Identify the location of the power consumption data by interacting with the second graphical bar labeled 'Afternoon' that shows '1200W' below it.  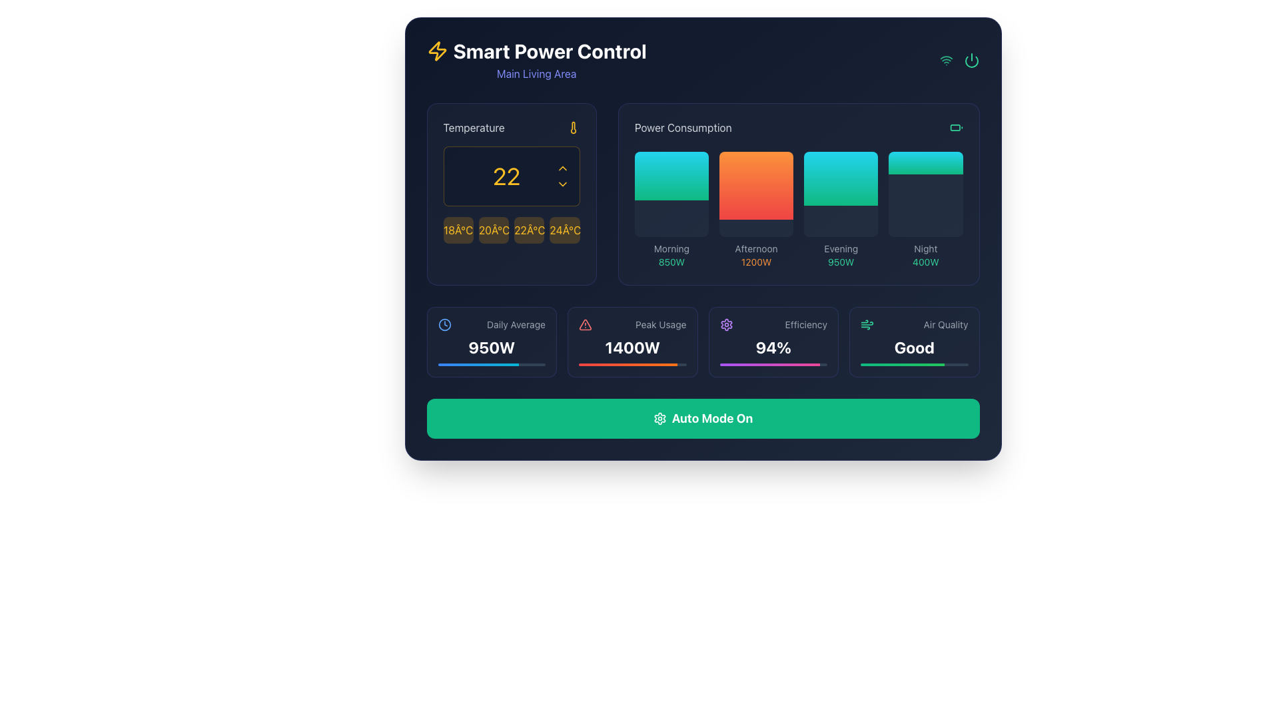
(799, 210).